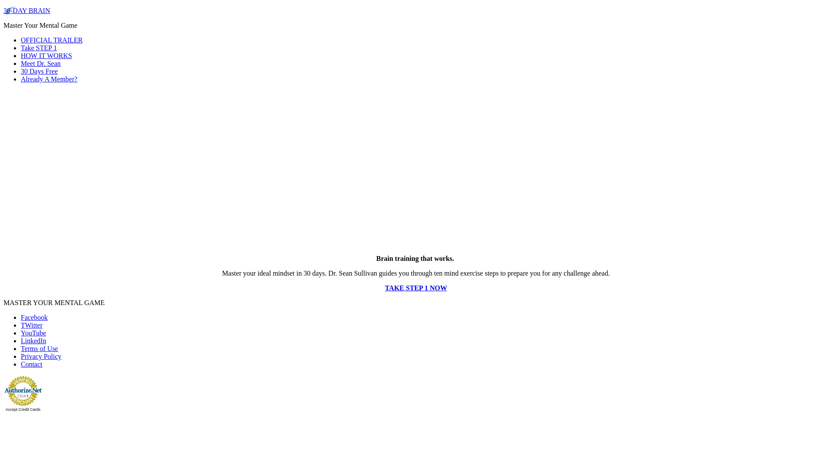 The width and height of the screenshot is (832, 468). Describe the element at coordinates (415, 288) in the screenshot. I see `'TAKE STEP 1 NOW'` at that location.